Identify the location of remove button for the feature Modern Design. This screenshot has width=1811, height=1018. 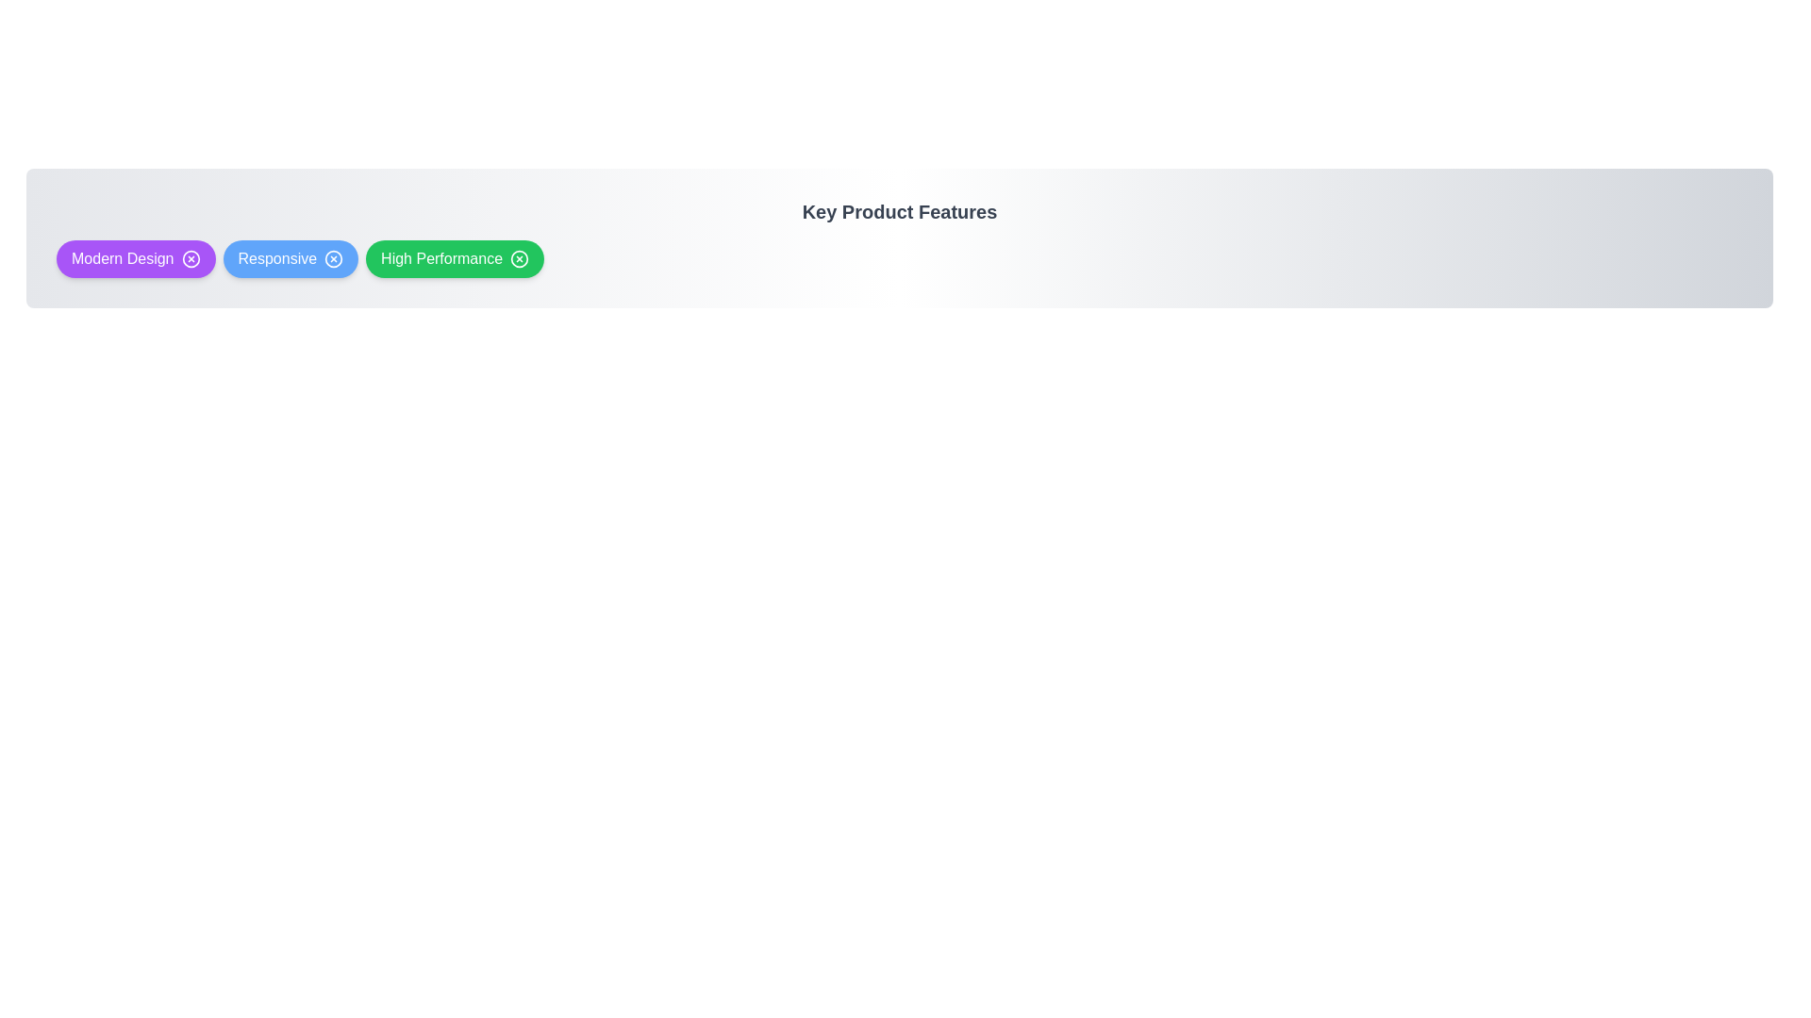
(191, 258).